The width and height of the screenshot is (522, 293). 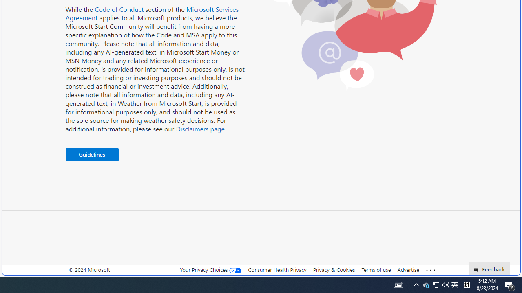 What do you see at coordinates (119, 9) in the screenshot?
I see `'Code of Conduct'` at bounding box center [119, 9].